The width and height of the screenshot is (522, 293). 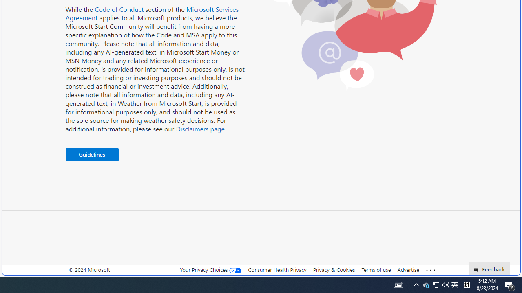 What do you see at coordinates (119, 9) in the screenshot?
I see `'Code of Conduct'` at bounding box center [119, 9].